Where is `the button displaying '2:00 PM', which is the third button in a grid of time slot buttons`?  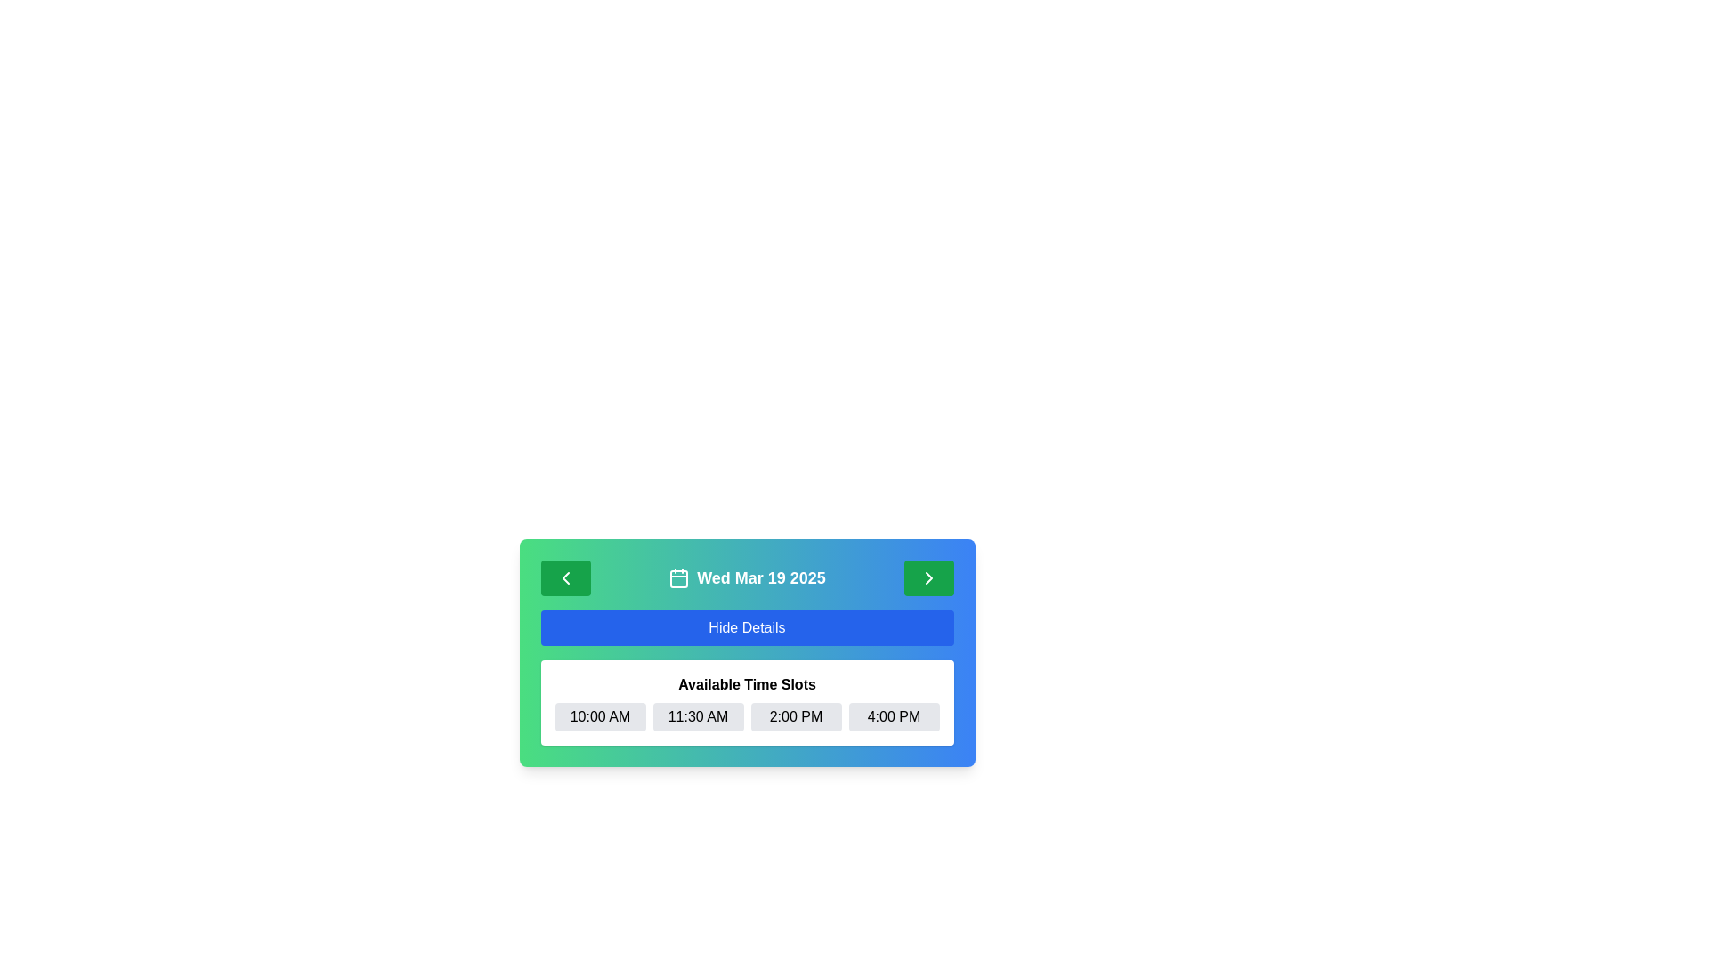
the button displaying '2:00 PM', which is the third button in a grid of time slot buttons is located at coordinates (795, 716).